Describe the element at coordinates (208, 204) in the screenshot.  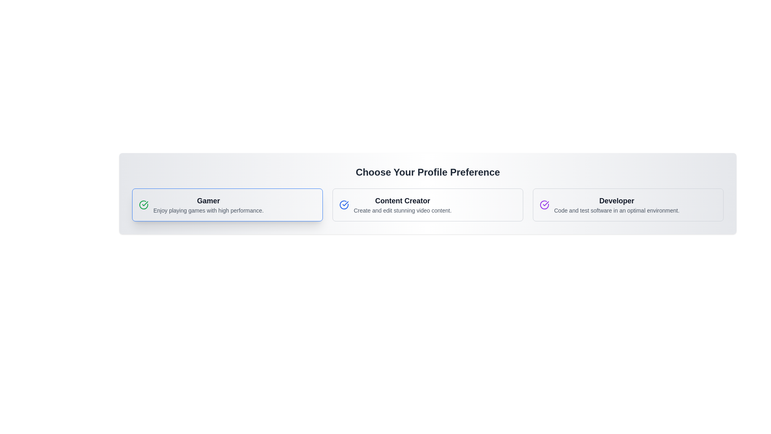
I see `the text label with the title 'Gamer' and description 'Enjoy playing games with high performance.' which is the first option in a group of selectable preferences` at that location.